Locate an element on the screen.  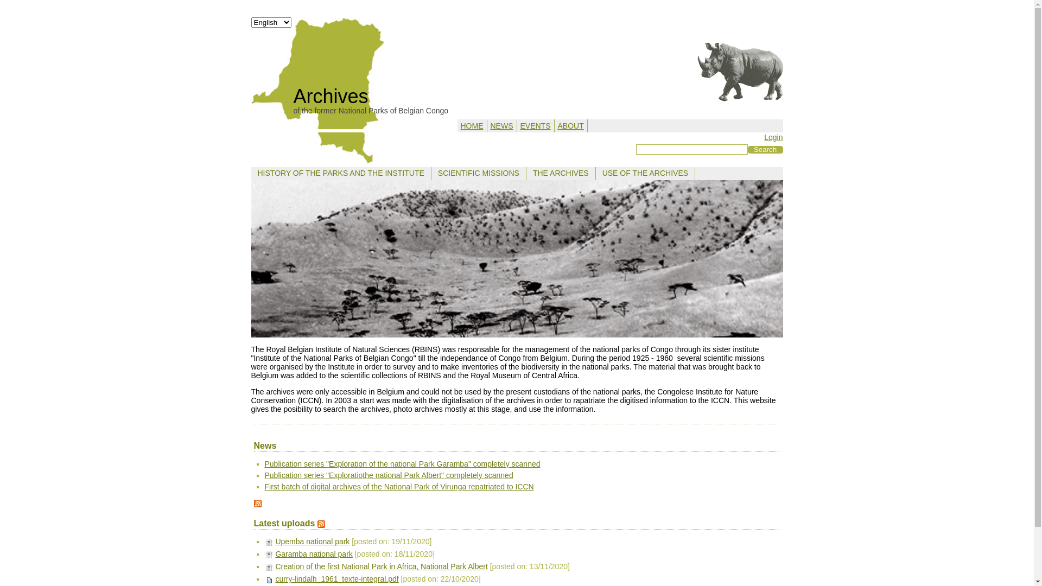
'THE ARCHIVES' is located at coordinates (561, 173).